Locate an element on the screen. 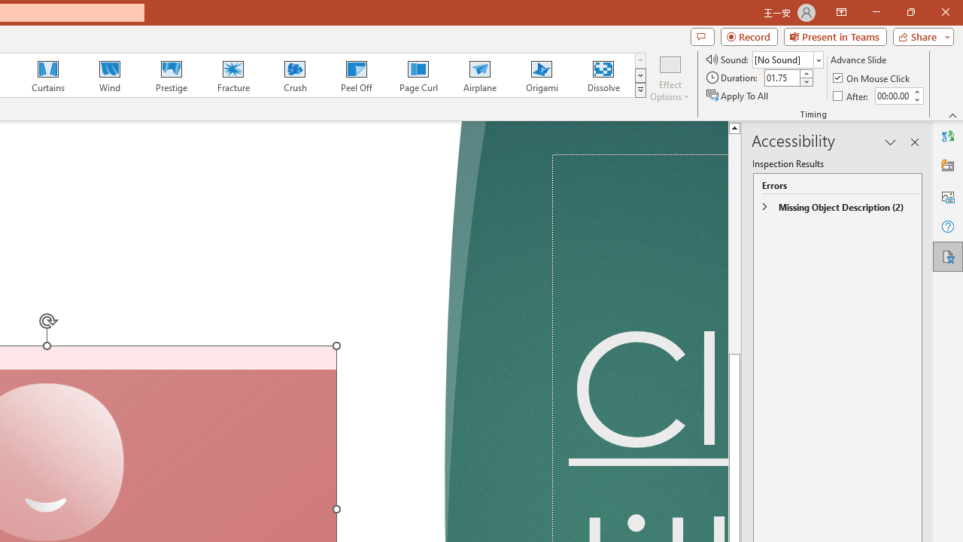  'Collapse the Ribbon' is located at coordinates (952, 114).